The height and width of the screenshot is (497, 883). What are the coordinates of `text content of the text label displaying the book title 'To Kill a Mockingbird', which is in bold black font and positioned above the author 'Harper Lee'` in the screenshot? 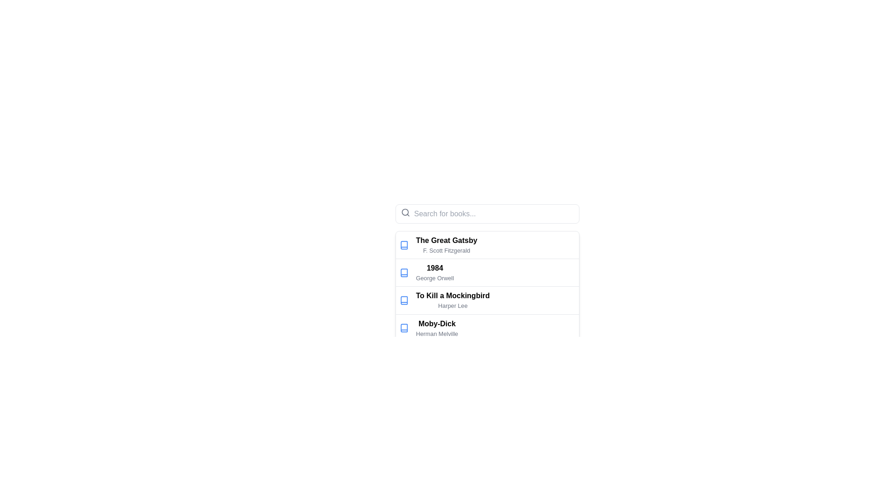 It's located at (453, 295).